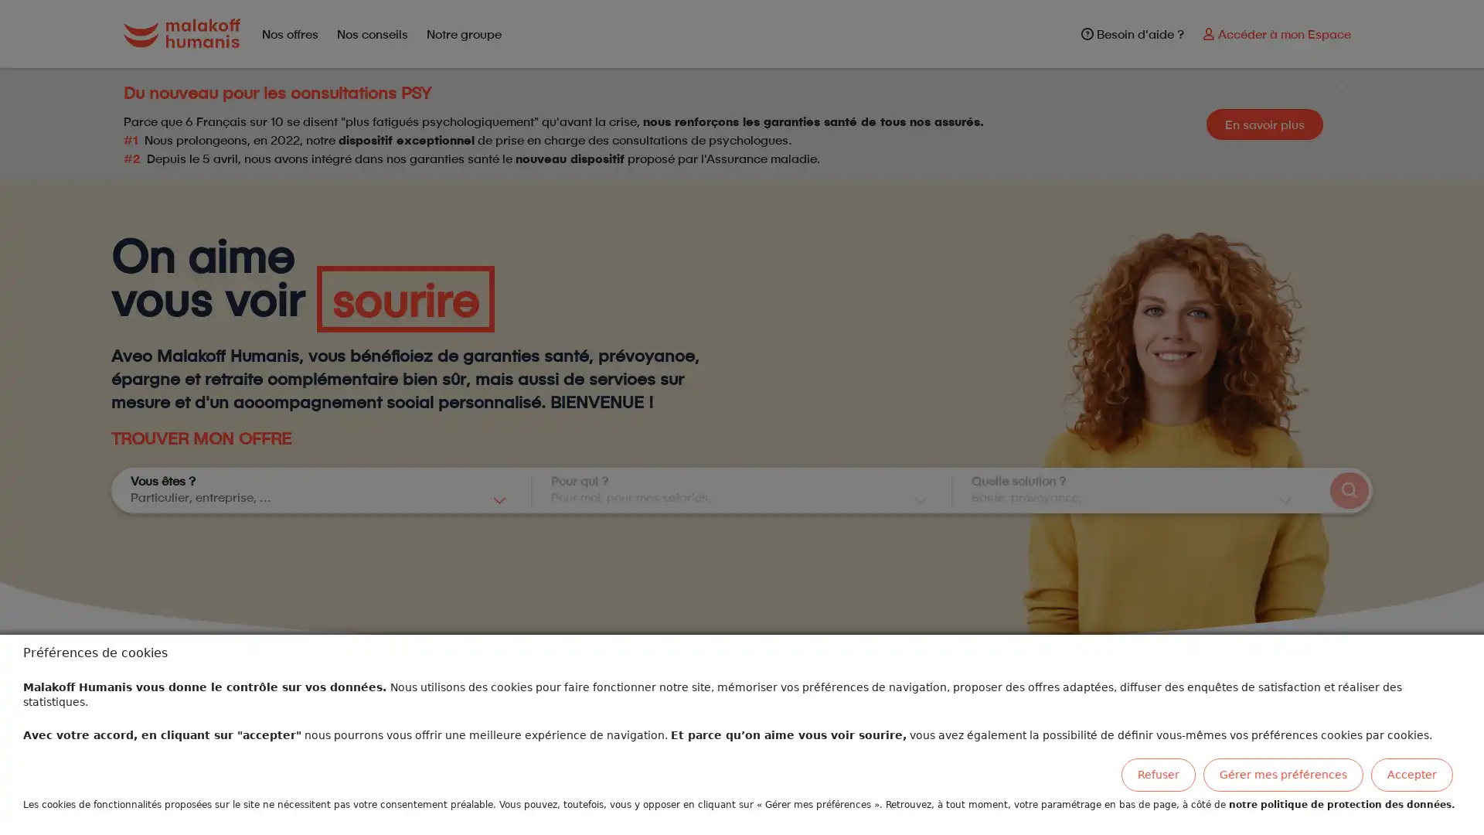 Image resolution: width=1484 pixels, height=835 pixels. I want to click on Notre groupe, so click(462, 33).